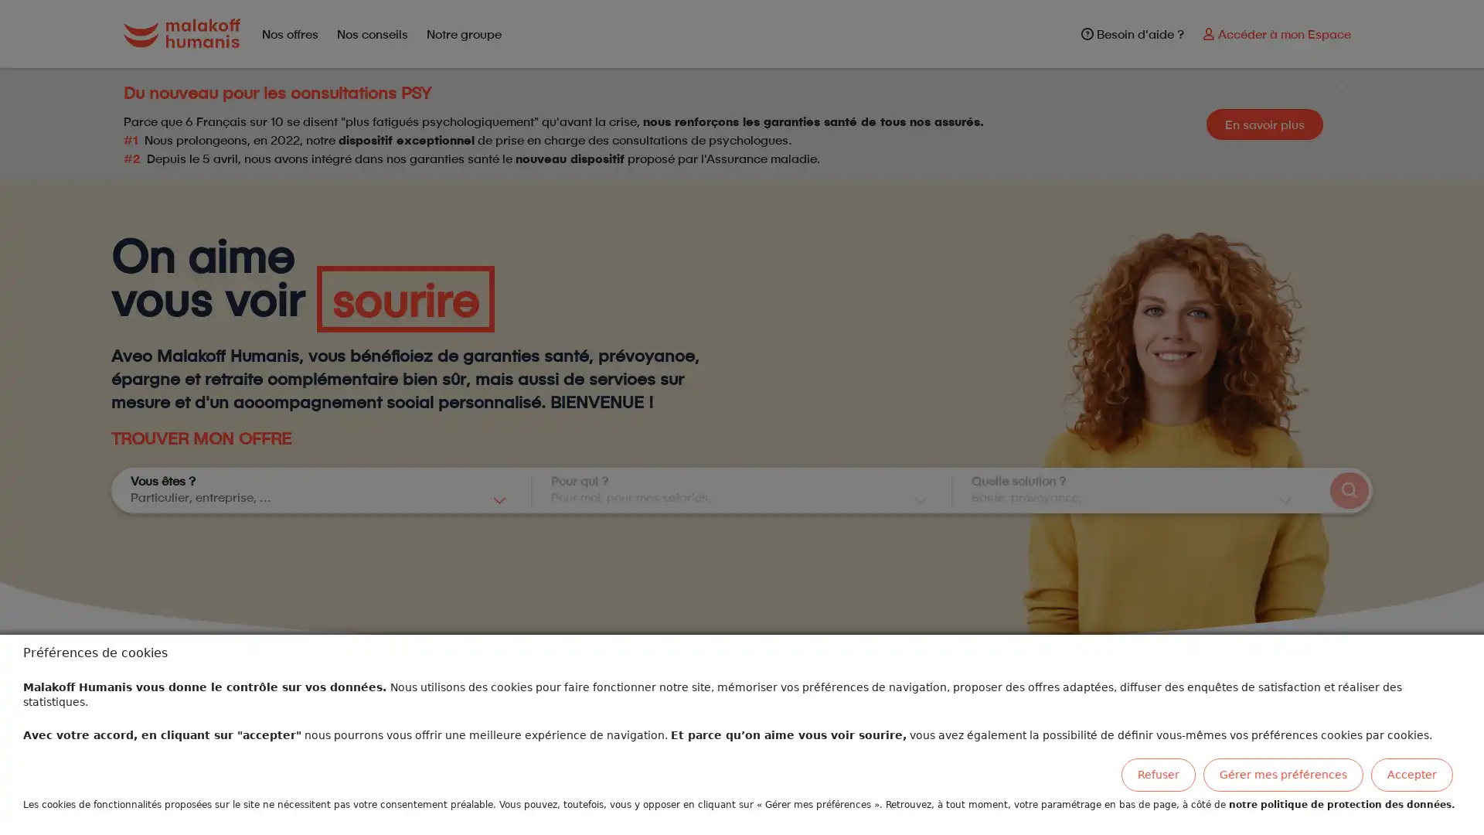 Image resolution: width=1484 pixels, height=835 pixels. I want to click on Notre groupe, so click(462, 33).